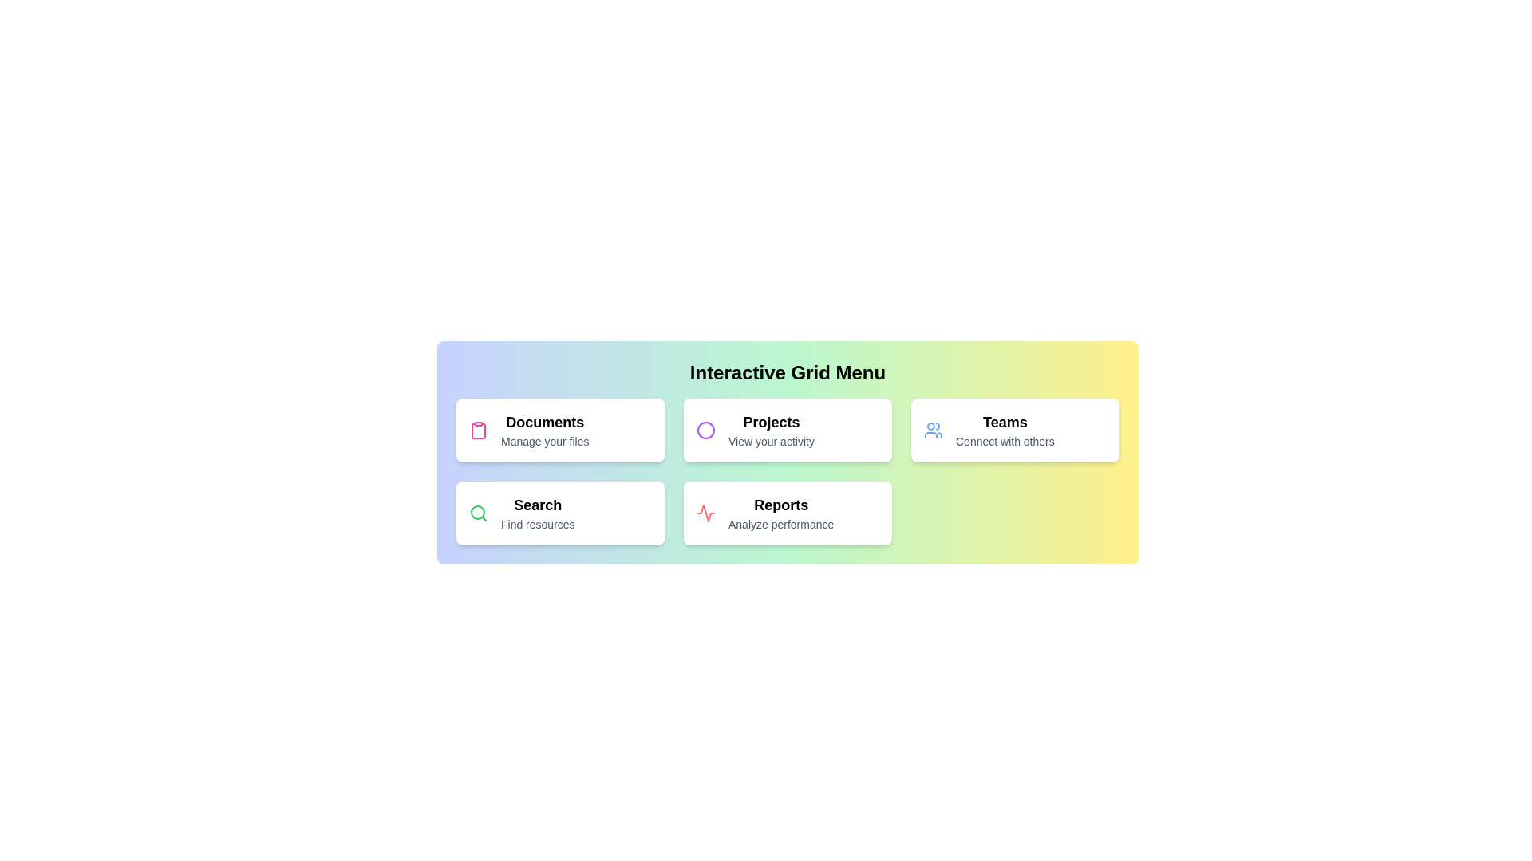 The width and height of the screenshot is (1532, 861). I want to click on the Projects menu item to select it, so click(788, 431).